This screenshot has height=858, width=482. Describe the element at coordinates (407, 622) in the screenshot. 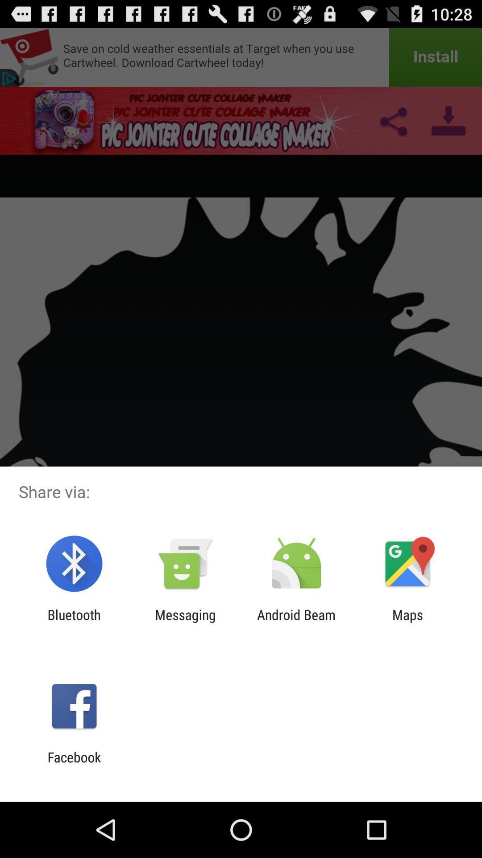

I see `item next to android beam item` at that location.